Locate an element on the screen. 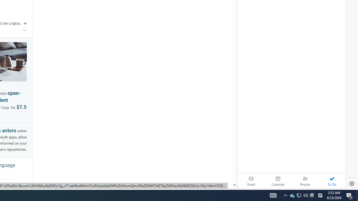 This screenshot has width=358, height=201. 'Calendar. Date today is 22' is located at coordinates (278, 181).